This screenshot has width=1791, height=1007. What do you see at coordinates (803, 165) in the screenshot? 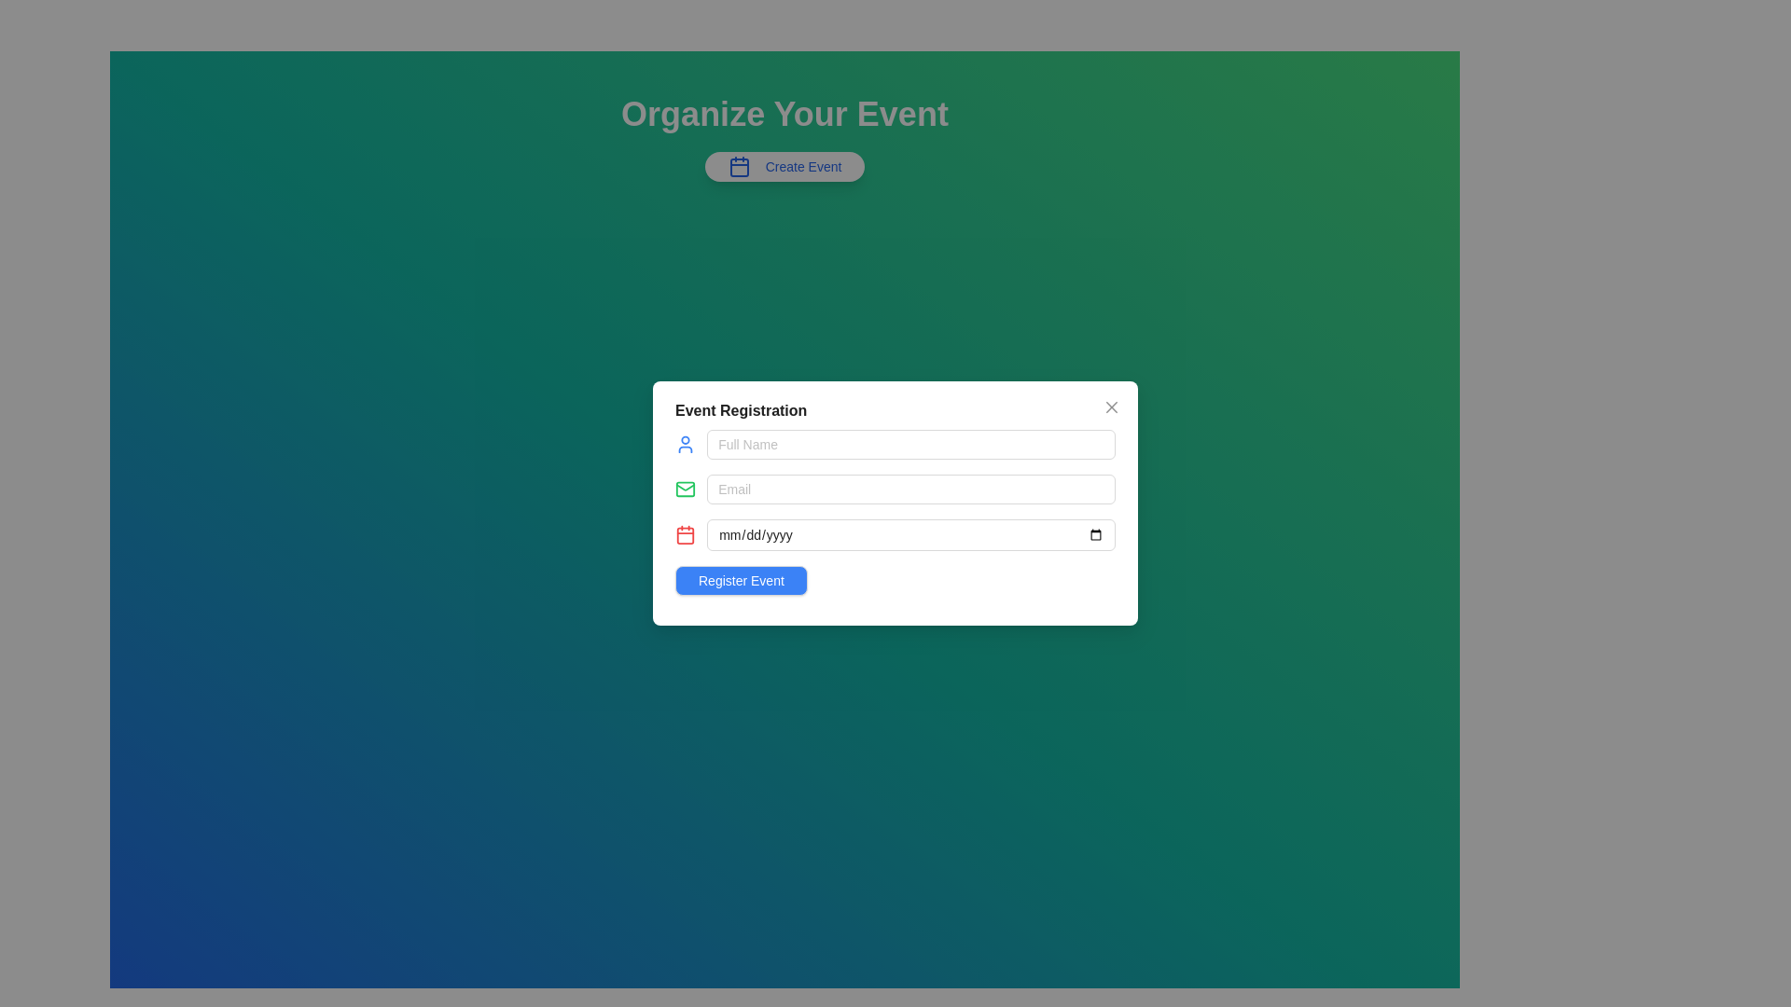
I see `the 'Create Event' text label, which is part of a button with a rounded shape and a calendar icon` at bounding box center [803, 165].